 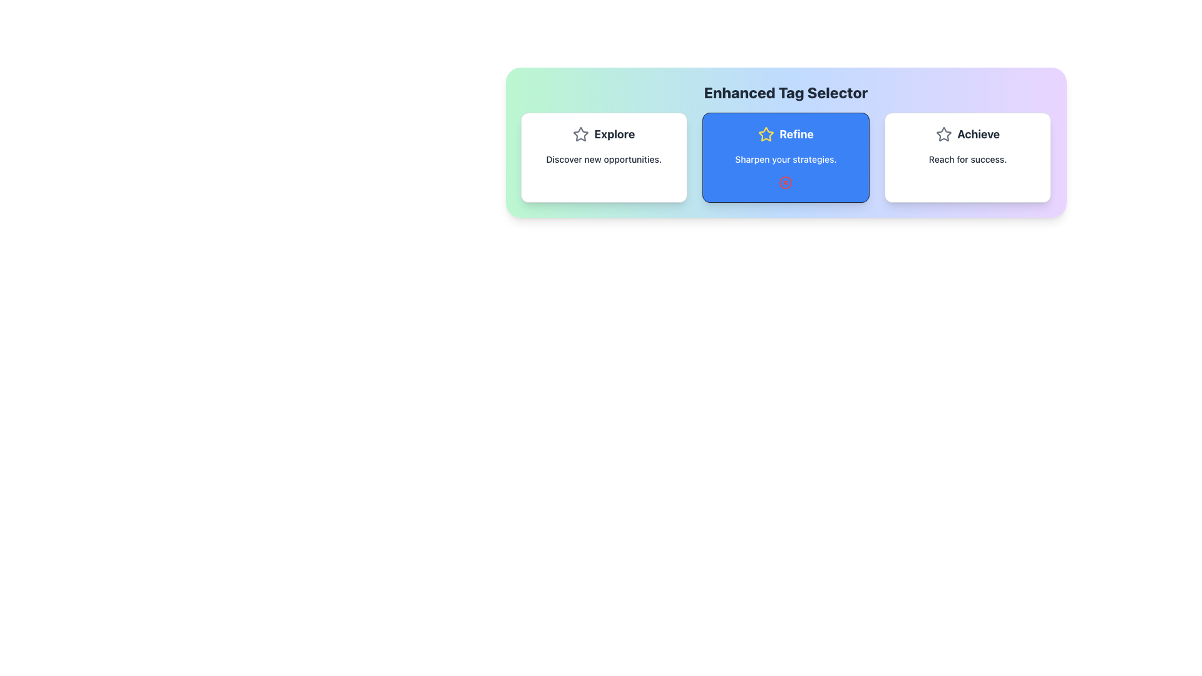 What do you see at coordinates (785, 158) in the screenshot?
I see `the text label that says 'Sharpen your strategies.' which is displayed in white on a blue background, located within the middle card titled 'Refine.'` at bounding box center [785, 158].